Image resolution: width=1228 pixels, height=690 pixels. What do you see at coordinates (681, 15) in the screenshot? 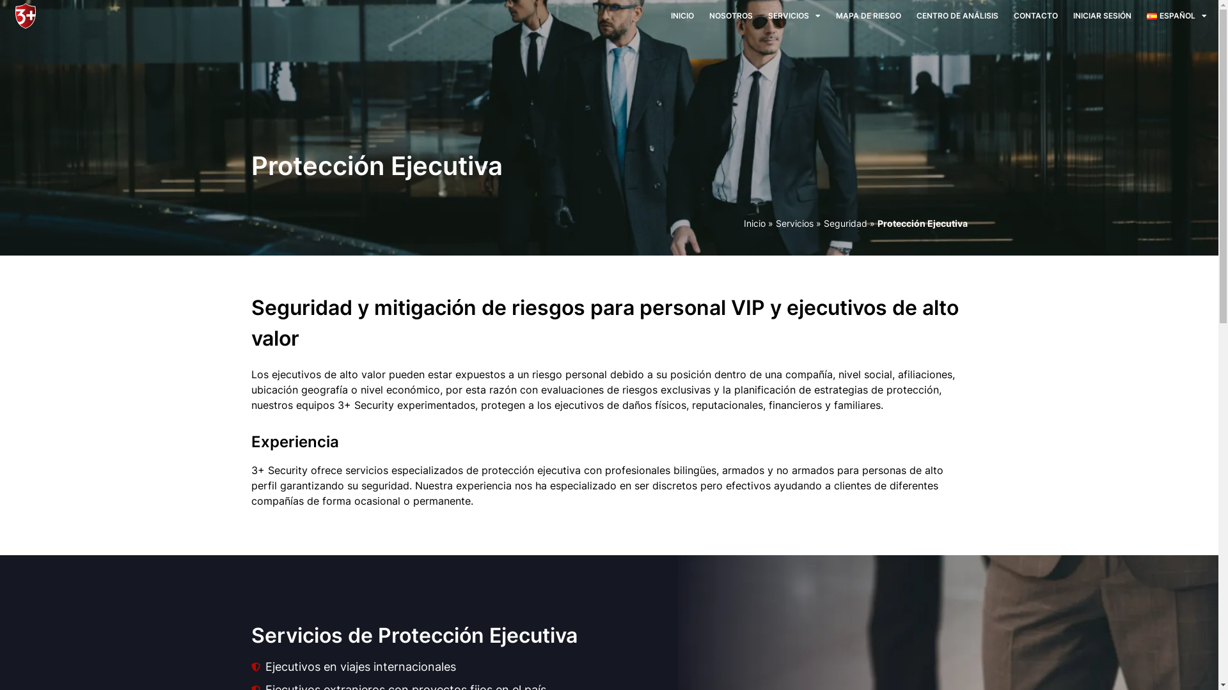
I see `'INICIO'` at bounding box center [681, 15].